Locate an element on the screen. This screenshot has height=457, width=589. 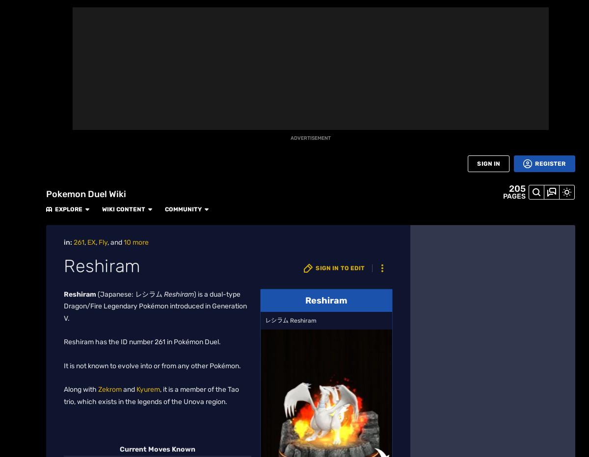
'Popular Pages' is located at coordinates (418, 34).